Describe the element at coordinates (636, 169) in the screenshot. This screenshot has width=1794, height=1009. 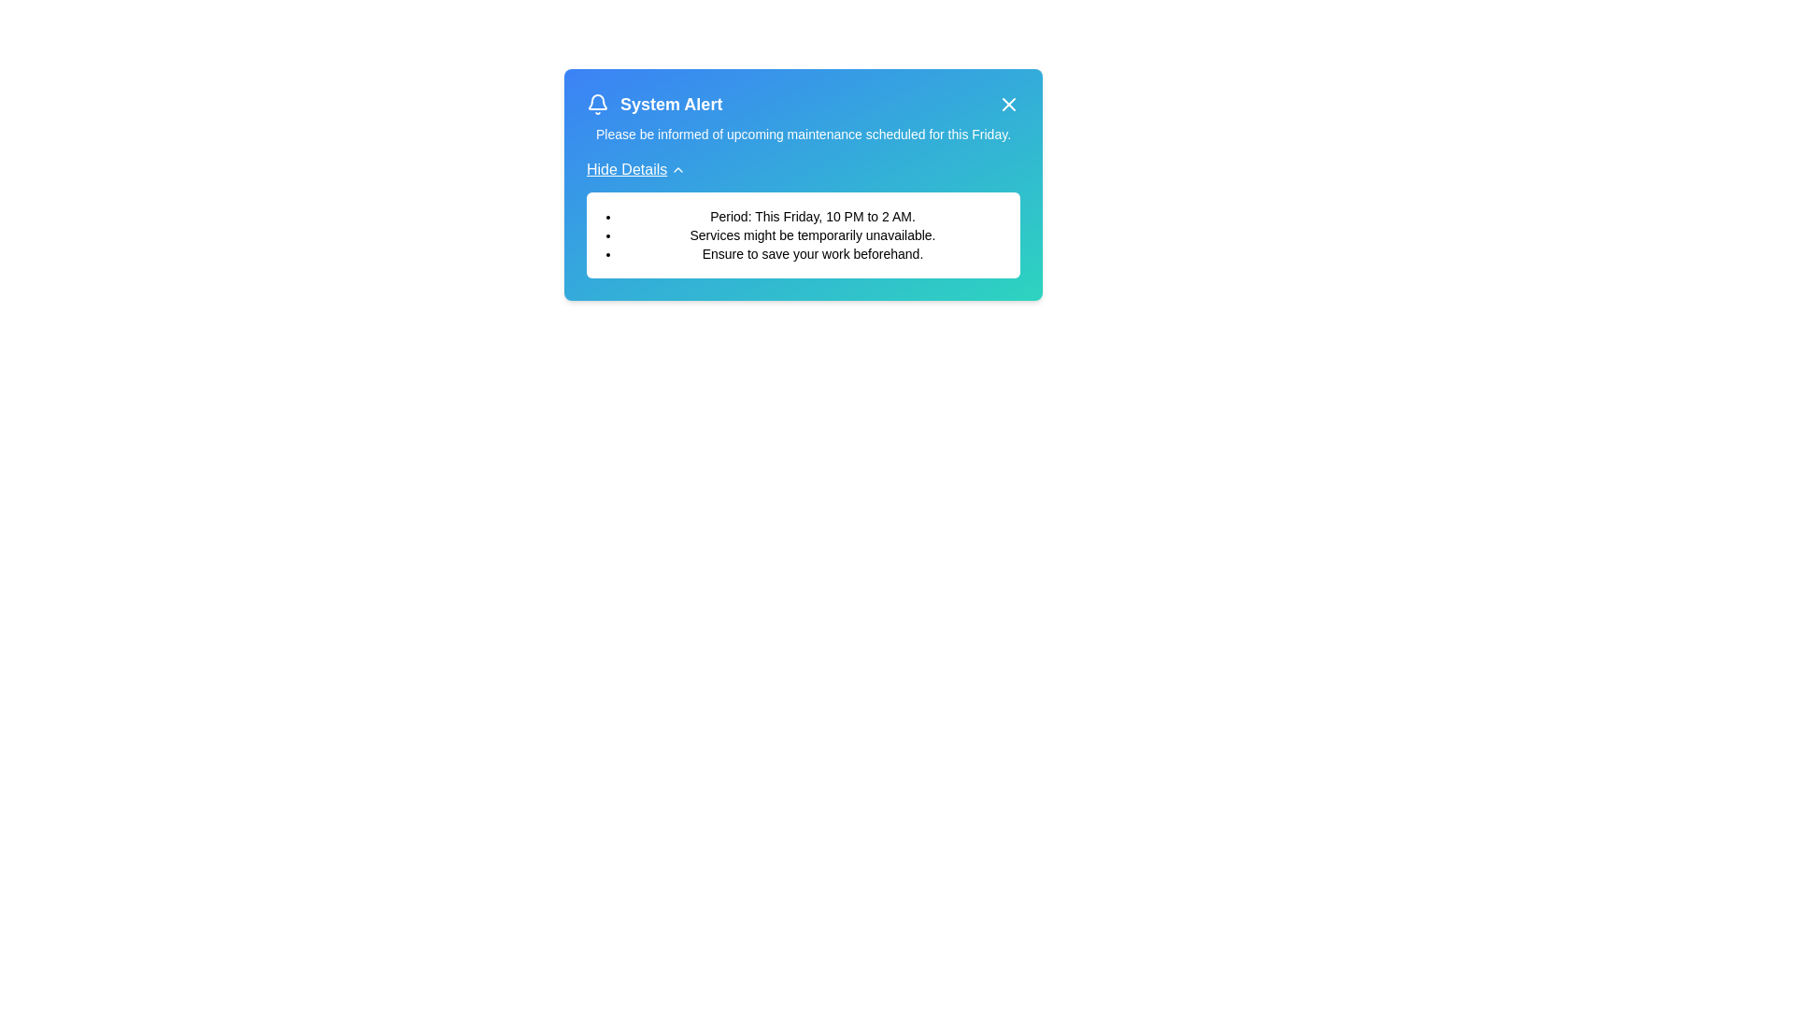
I see `the 'Hide Details' button to collapse the additional information` at that location.